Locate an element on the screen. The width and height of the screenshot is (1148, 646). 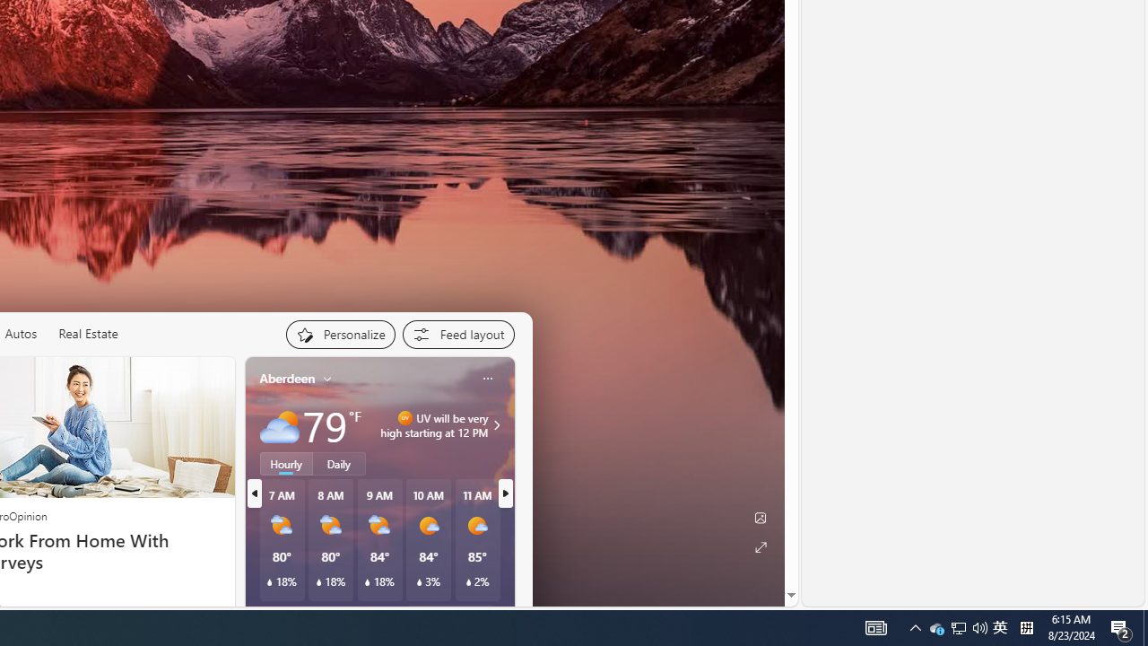
'Personalize your feed"' is located at coordinates (340, 334).